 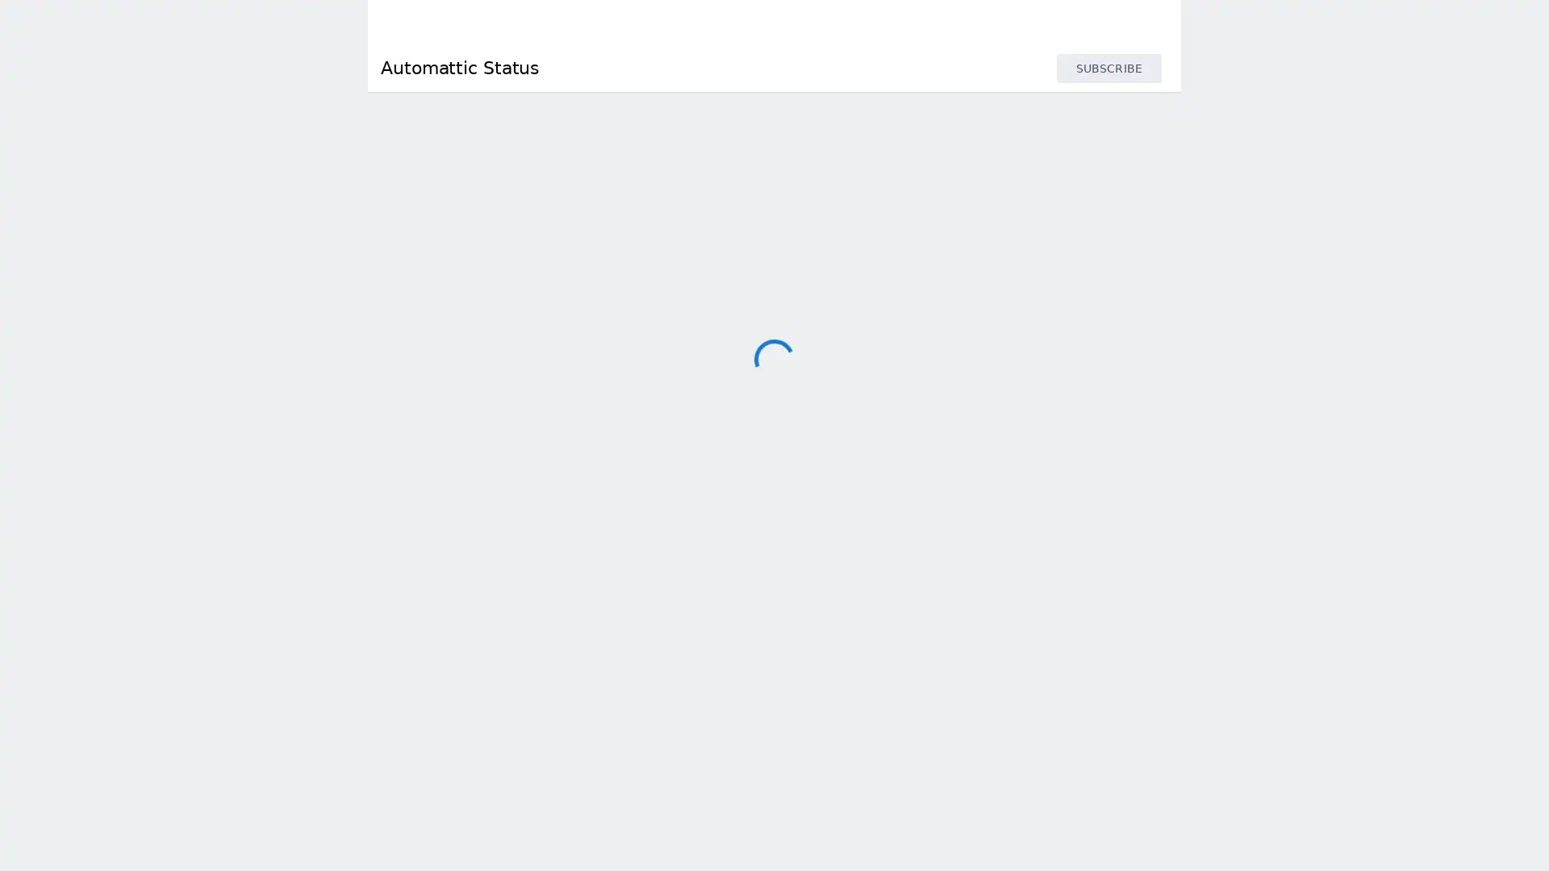 I want to click on Simperium API, so click(x=676, y=804).